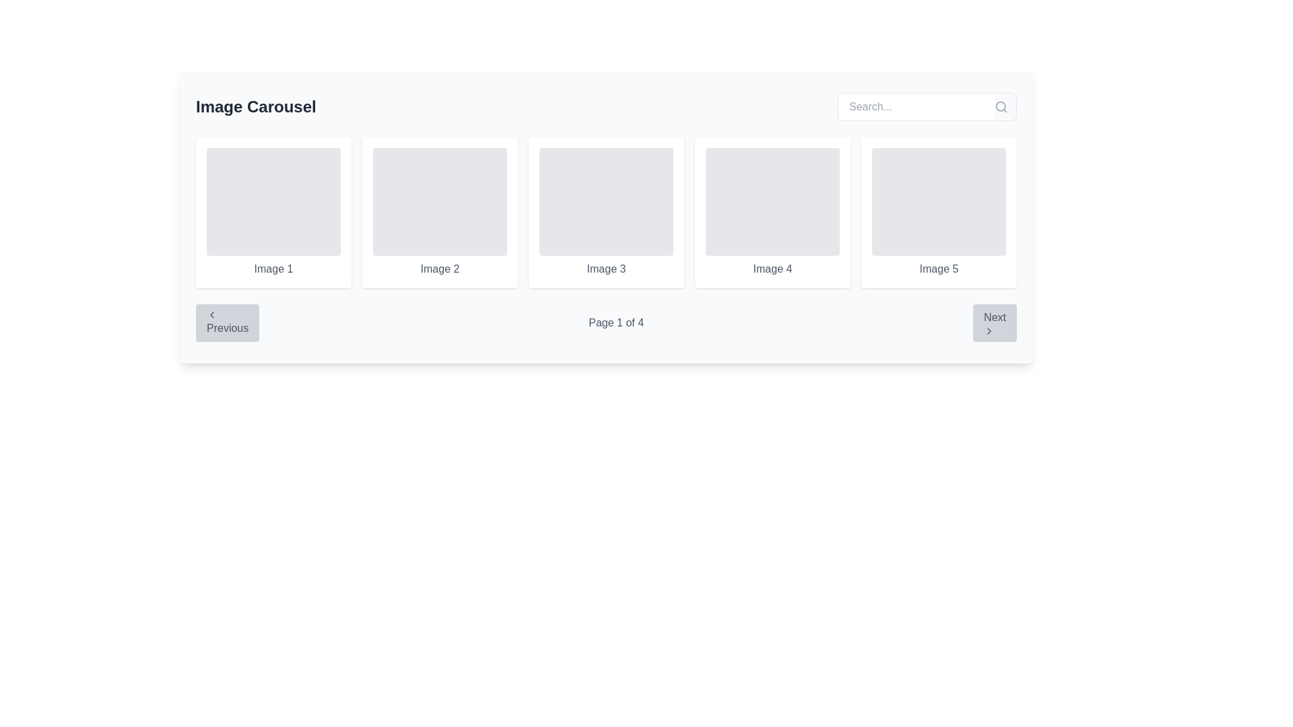  What do you see at coordinates (605, 322) in the screenshot?
I see `current page information displayed in the center text of the Pagination bar, which shows 'Page 1 of 4'` at bounding box center [605, 322].